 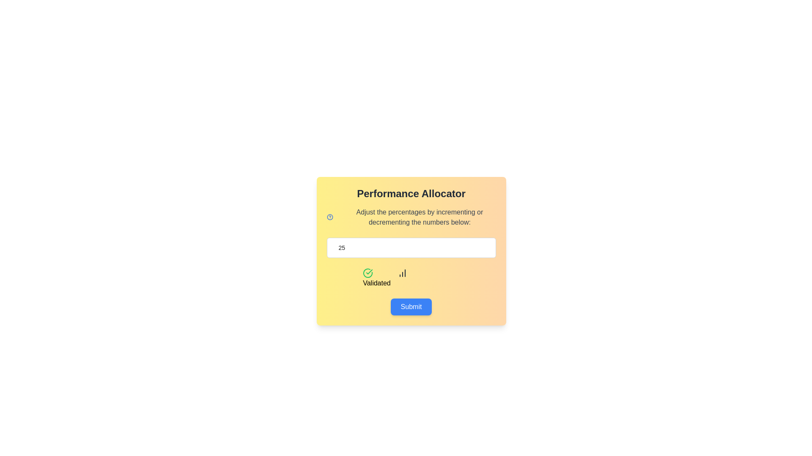 I want to click on the Text label providing guidance for adjusting percentages, located below the title 'Performance Allocator' and above the input box, so click(x=411, y=217).